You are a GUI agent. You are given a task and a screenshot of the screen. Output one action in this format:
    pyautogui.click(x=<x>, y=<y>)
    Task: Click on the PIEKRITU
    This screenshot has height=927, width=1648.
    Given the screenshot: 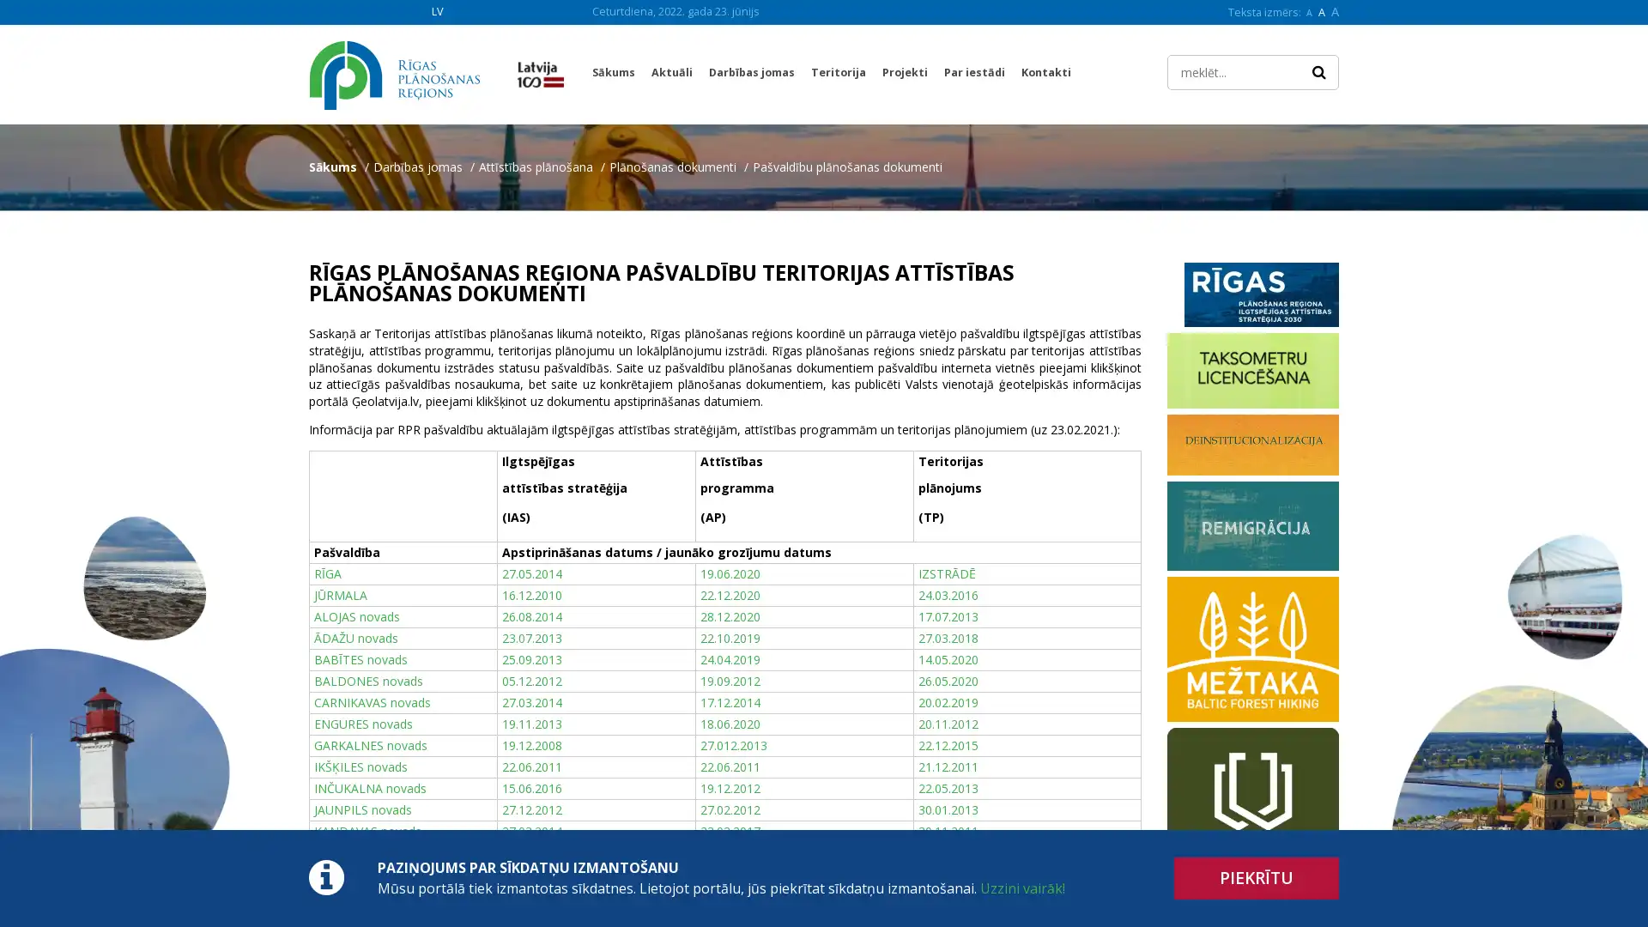 What is the action you would take?
    pyautogui.click(x=1257, y=878)
    